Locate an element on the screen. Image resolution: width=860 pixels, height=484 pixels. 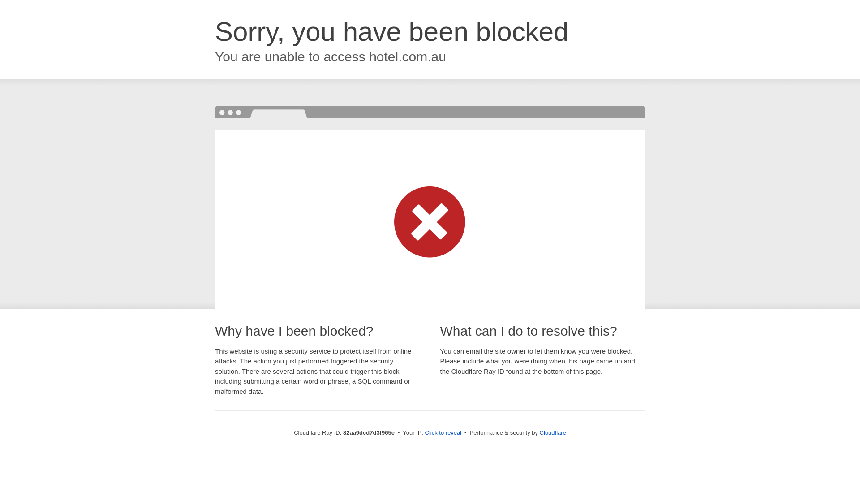
'Cloudflare' is located at coordinates (539, 432).